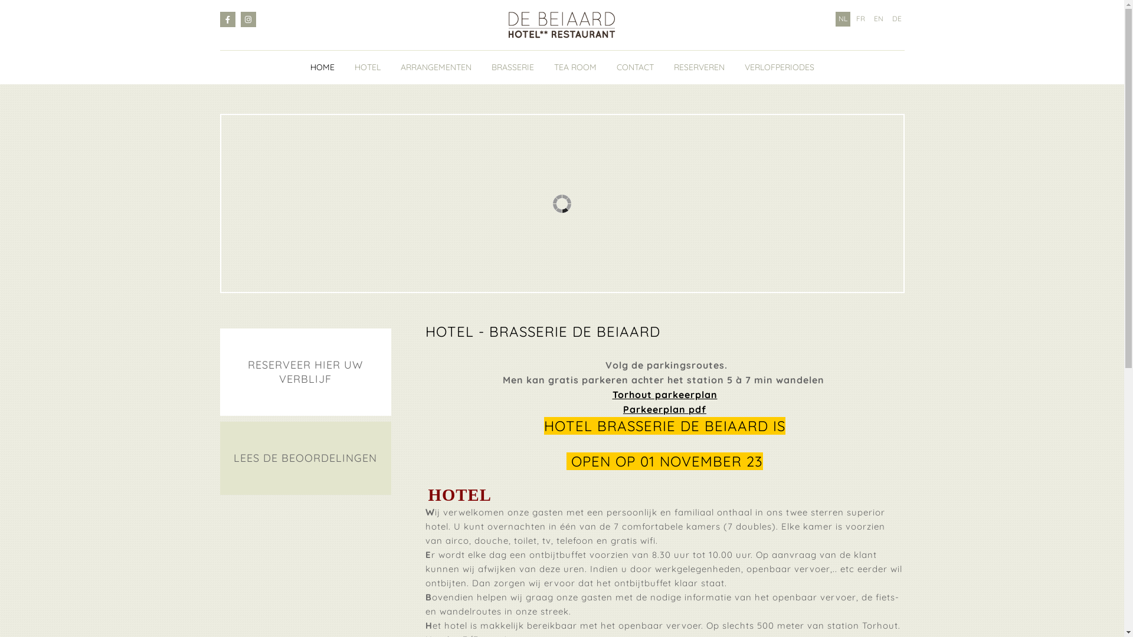 This screenshot has width=1133, height=637. Describe the element at coordinates (623, 409) in the screenshot. I see `'Parkeerplan pdf'` at that location.